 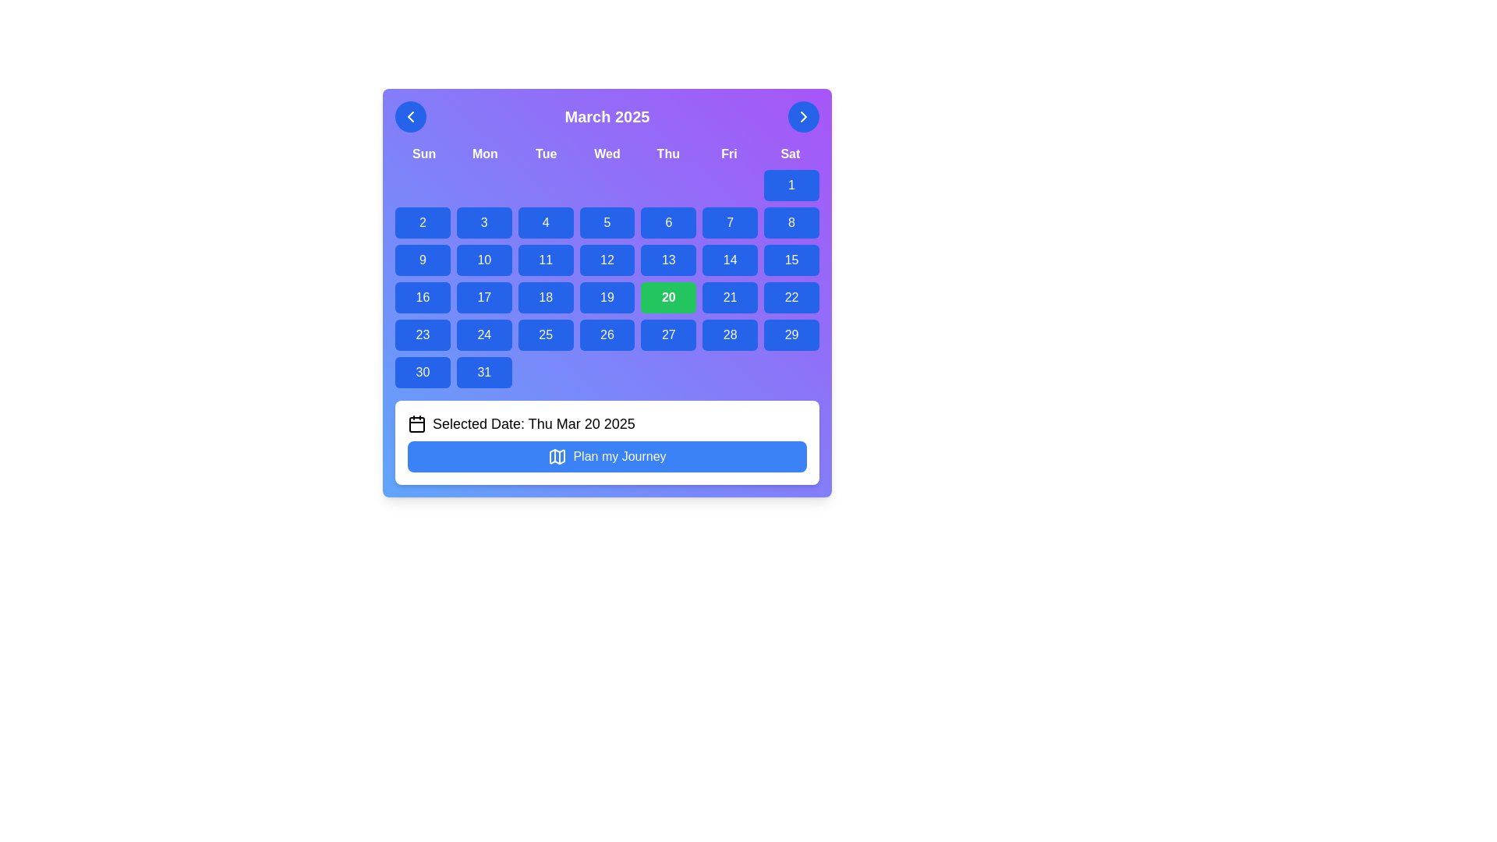 I want to click on the rounded rectangular button with a blue background and the label '5', so click(x=606, y=222).